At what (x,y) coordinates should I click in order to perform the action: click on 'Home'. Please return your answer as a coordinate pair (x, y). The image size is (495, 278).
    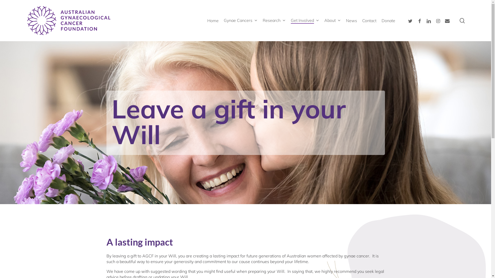
    Looking at the image, I should click on (213, 20).